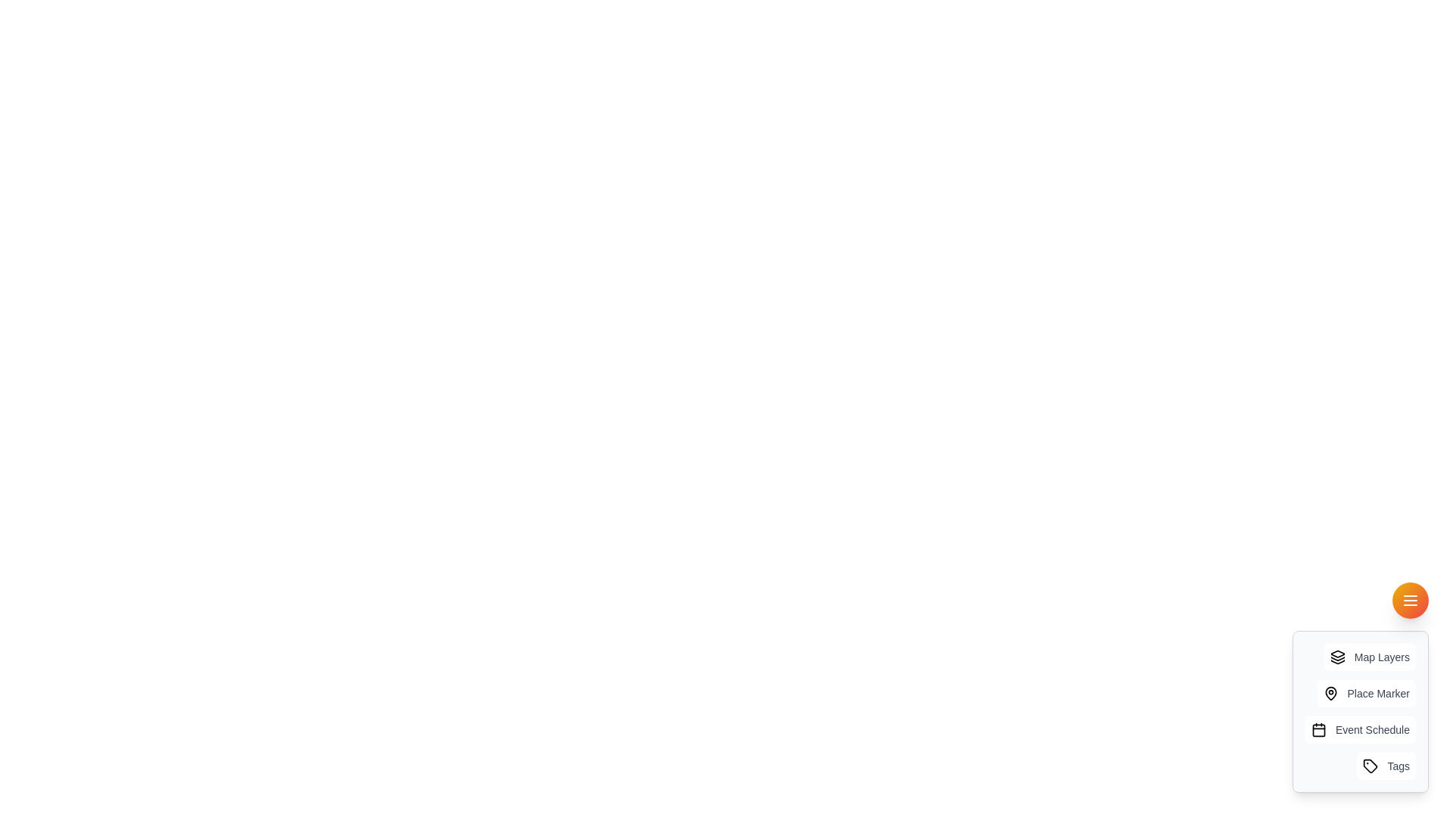  I want to click on the 'Event Schedule' item in the menu, so click(1359, 728).